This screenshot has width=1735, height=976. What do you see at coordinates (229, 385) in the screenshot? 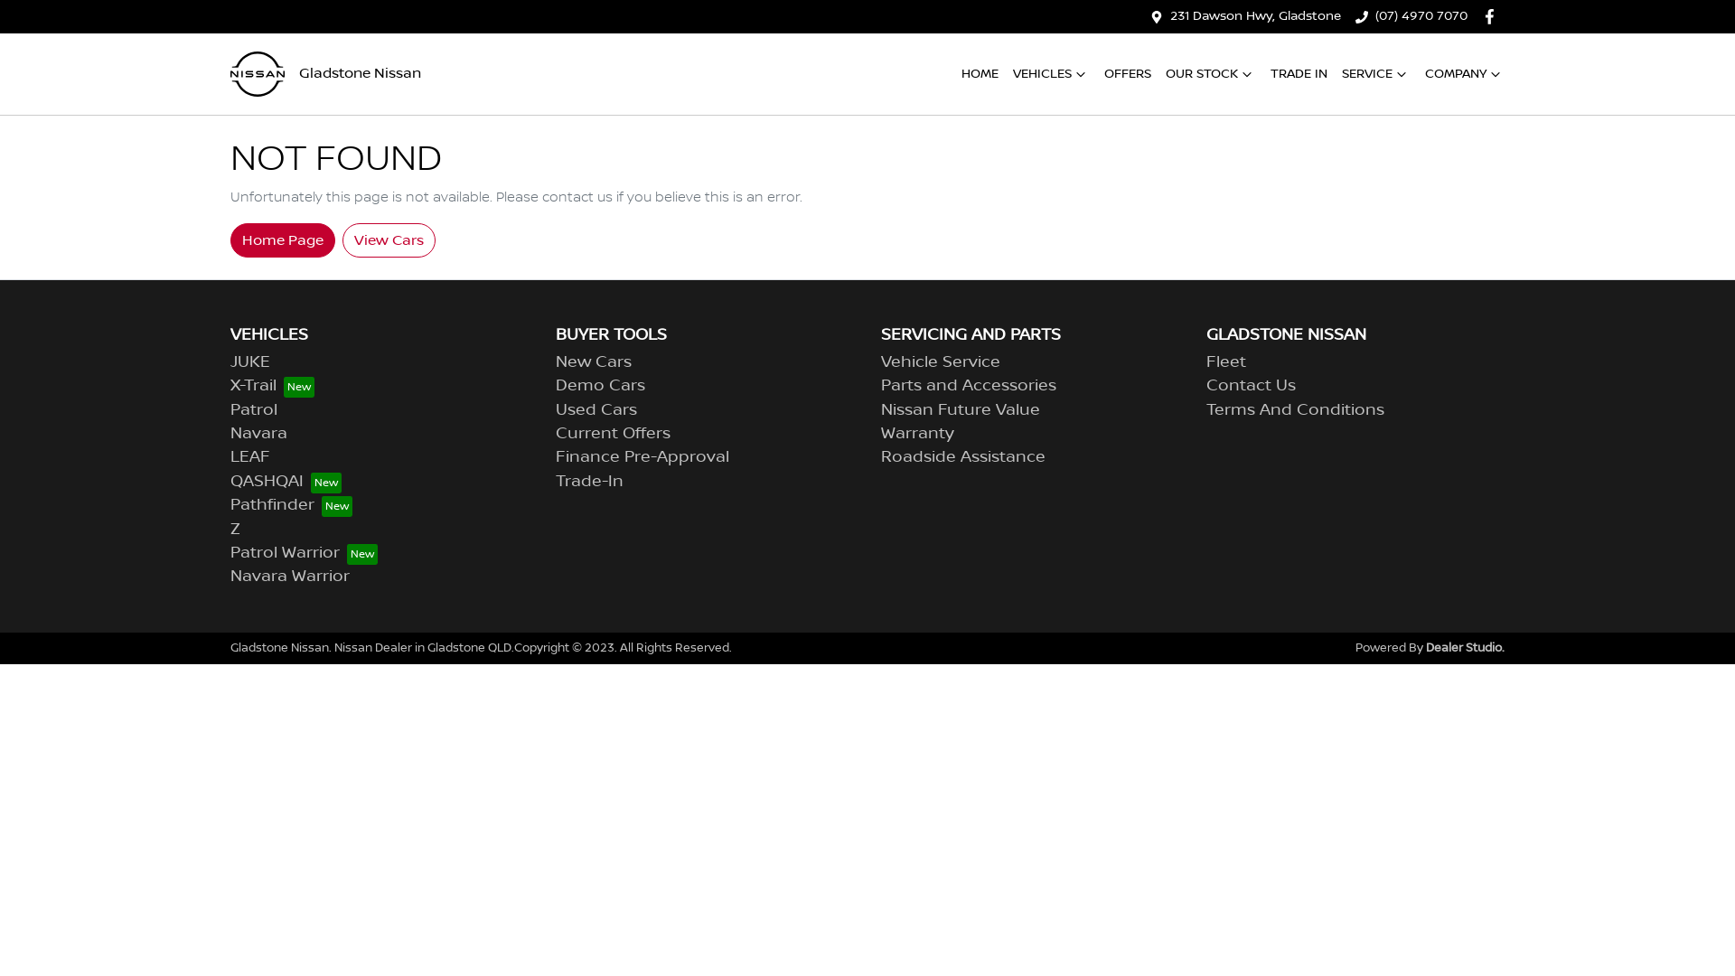
I see `'X-Trail'` at bounding box center [229, 385].